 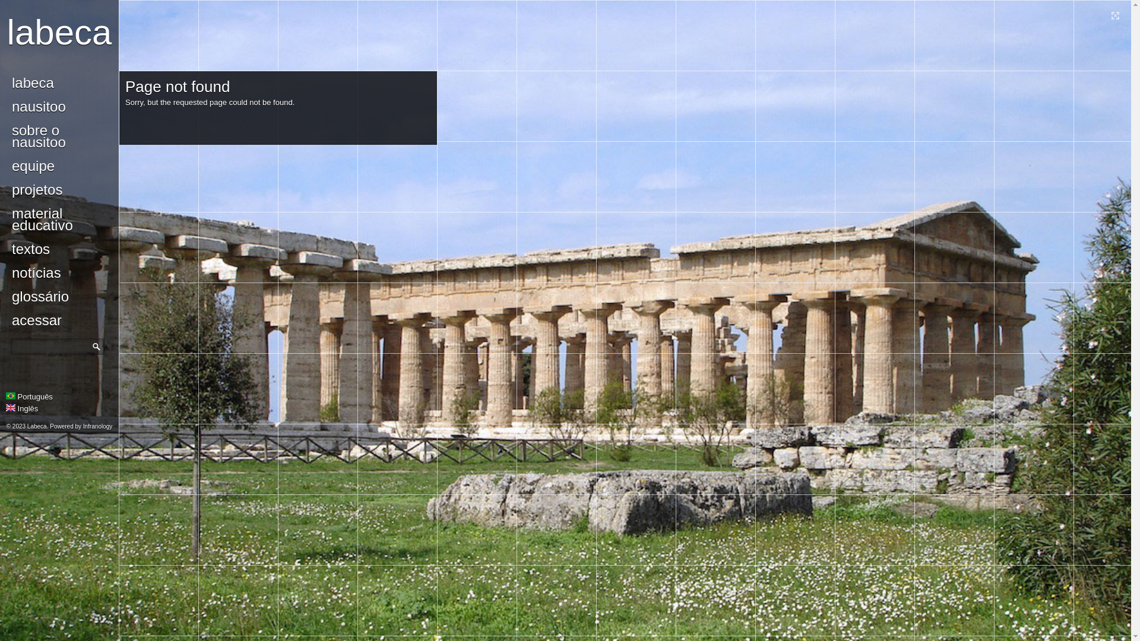 What do you see at coordinates (59, 189) in the screenshot?
I see `'projetos'` at bounding box center [59, 189].